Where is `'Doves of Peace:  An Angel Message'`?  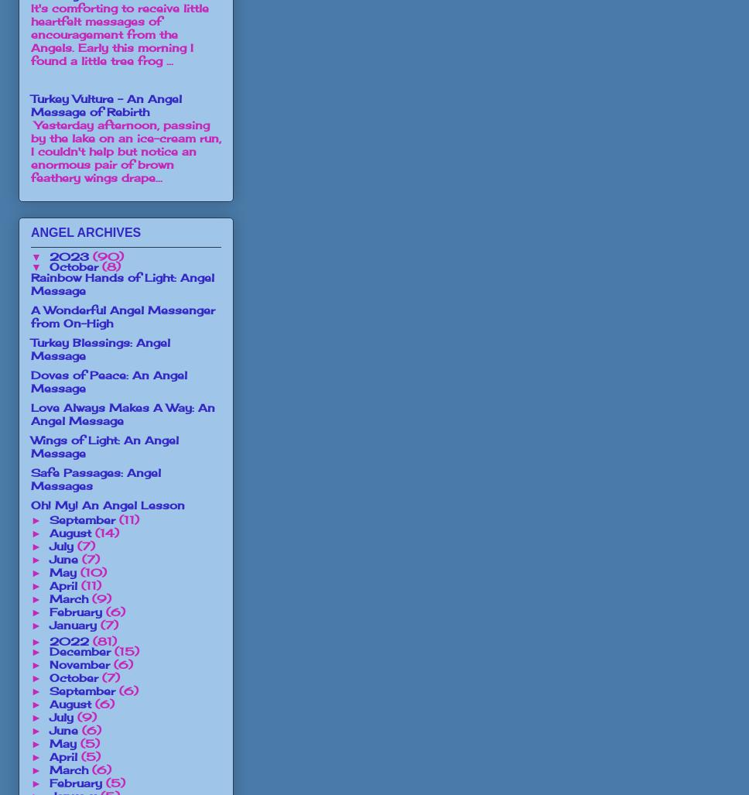 'Doves of Peace:  An Angel Message' is located at coordinates (108, 381).